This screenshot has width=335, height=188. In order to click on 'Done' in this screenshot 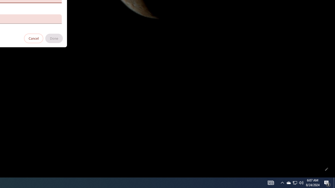, I will do `click(54, 38)`.